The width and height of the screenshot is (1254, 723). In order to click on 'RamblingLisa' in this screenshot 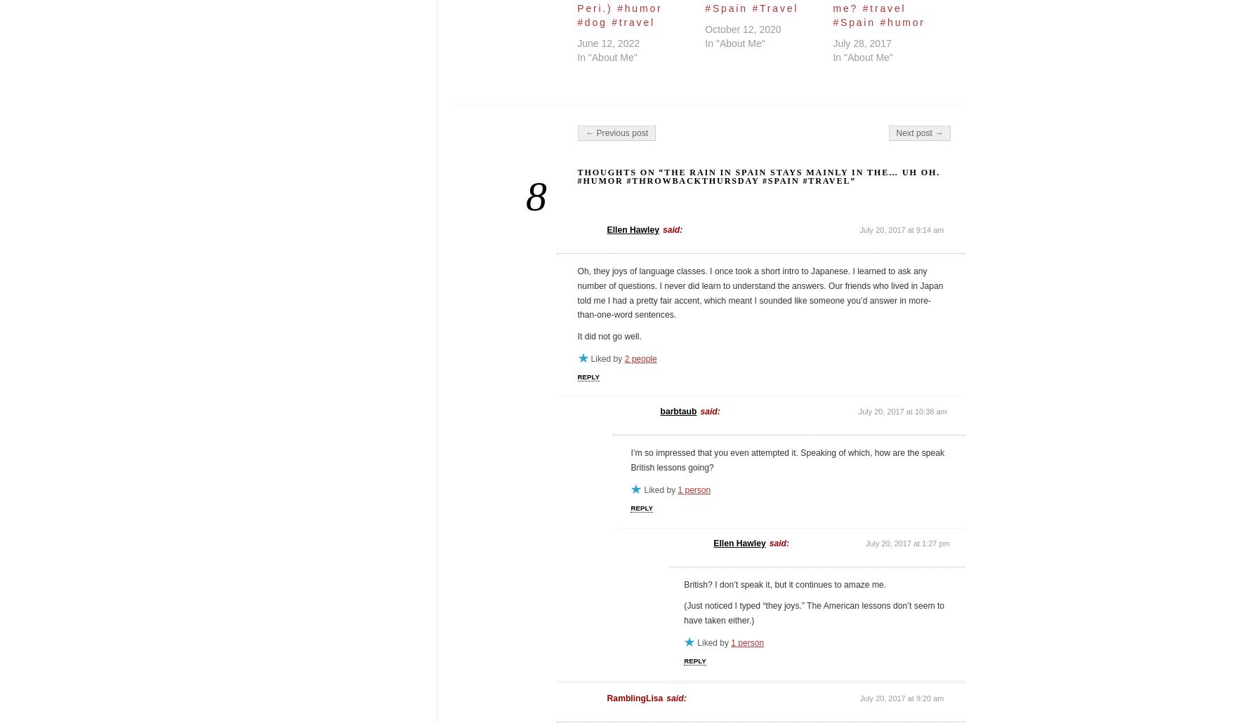, I will do `click(635, 698)`.